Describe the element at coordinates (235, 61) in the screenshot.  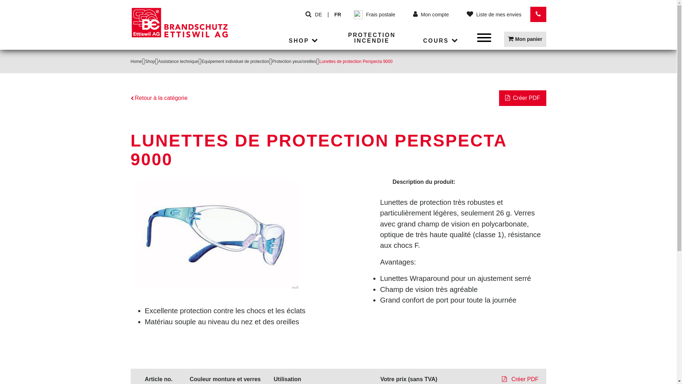
I see `'Equipement individuel de protection'` at that location.